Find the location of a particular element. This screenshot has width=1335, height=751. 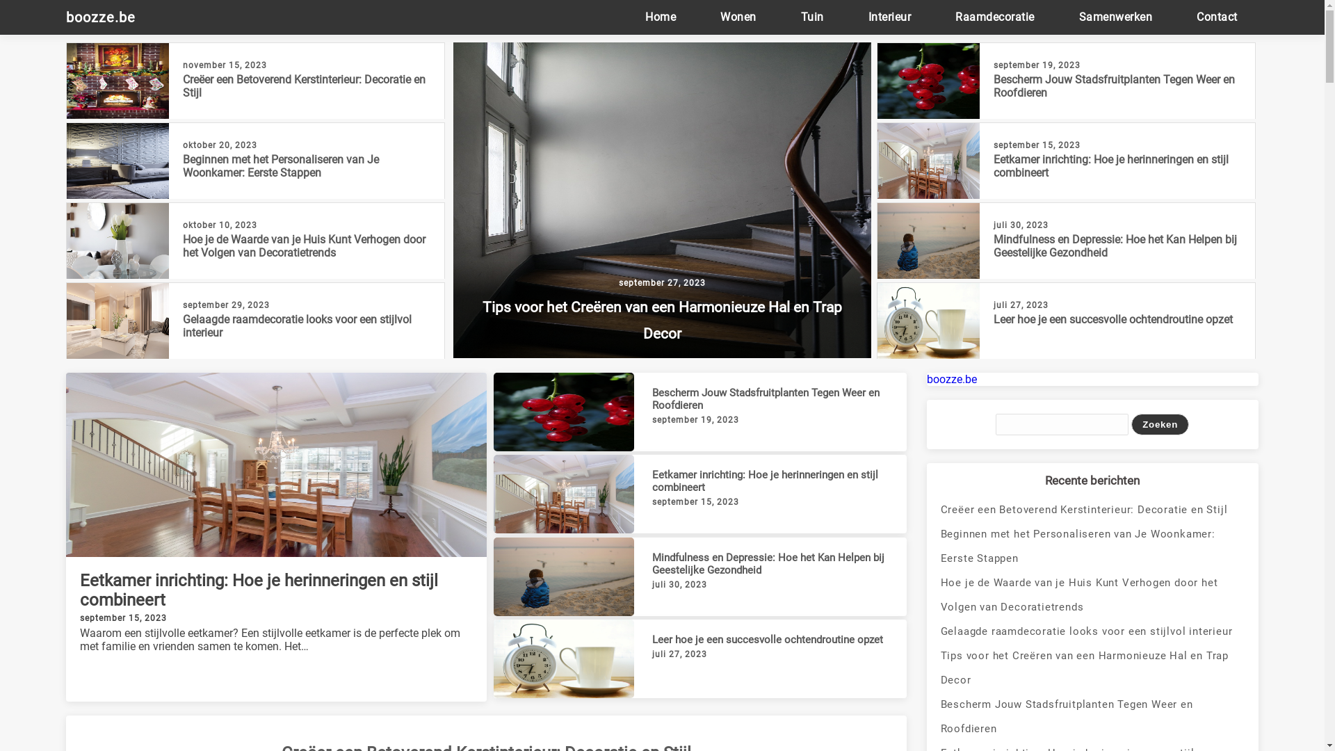

'Zoeken' is located at coordinates (1160, 423).